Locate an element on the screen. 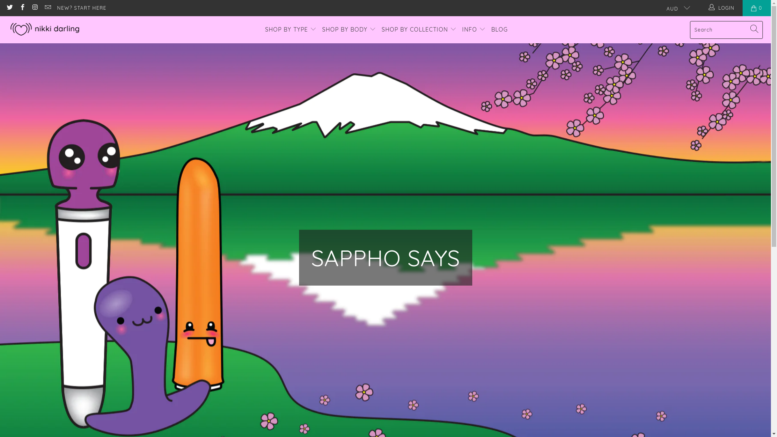  'LOGIN' is located at coordinates (722, 8).